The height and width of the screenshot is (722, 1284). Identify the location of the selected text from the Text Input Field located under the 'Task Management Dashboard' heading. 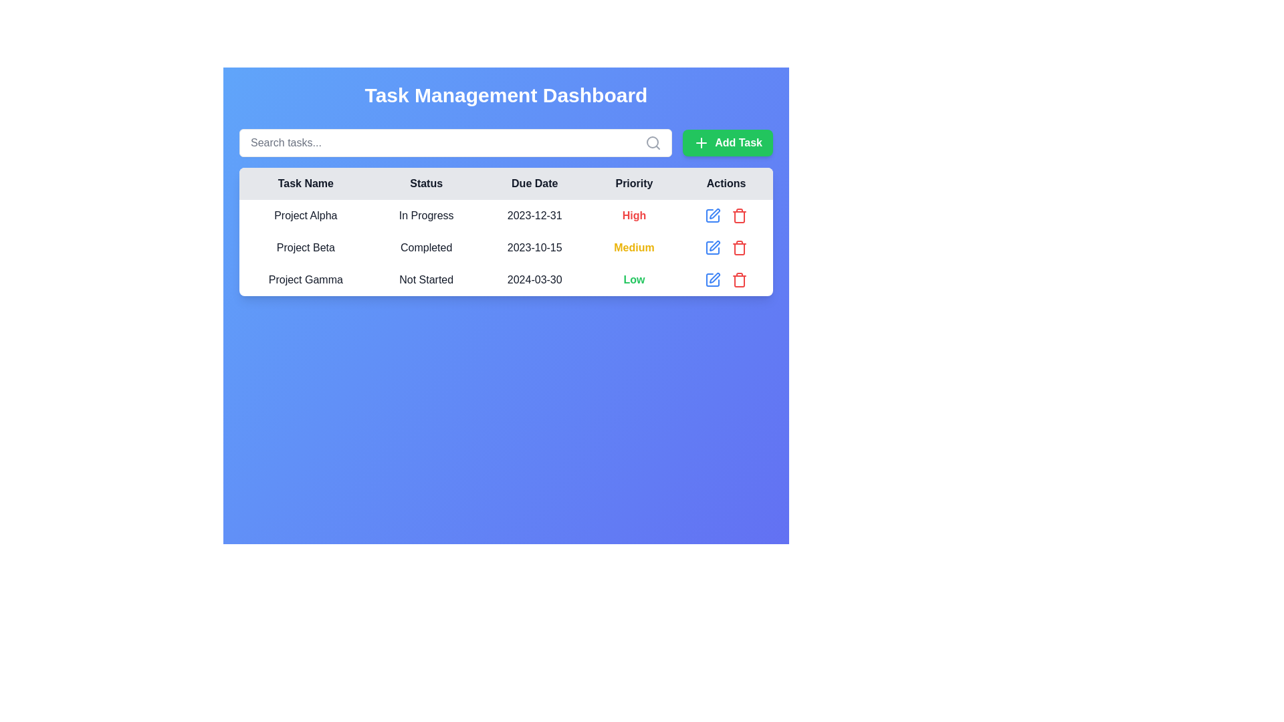
(455, 142).